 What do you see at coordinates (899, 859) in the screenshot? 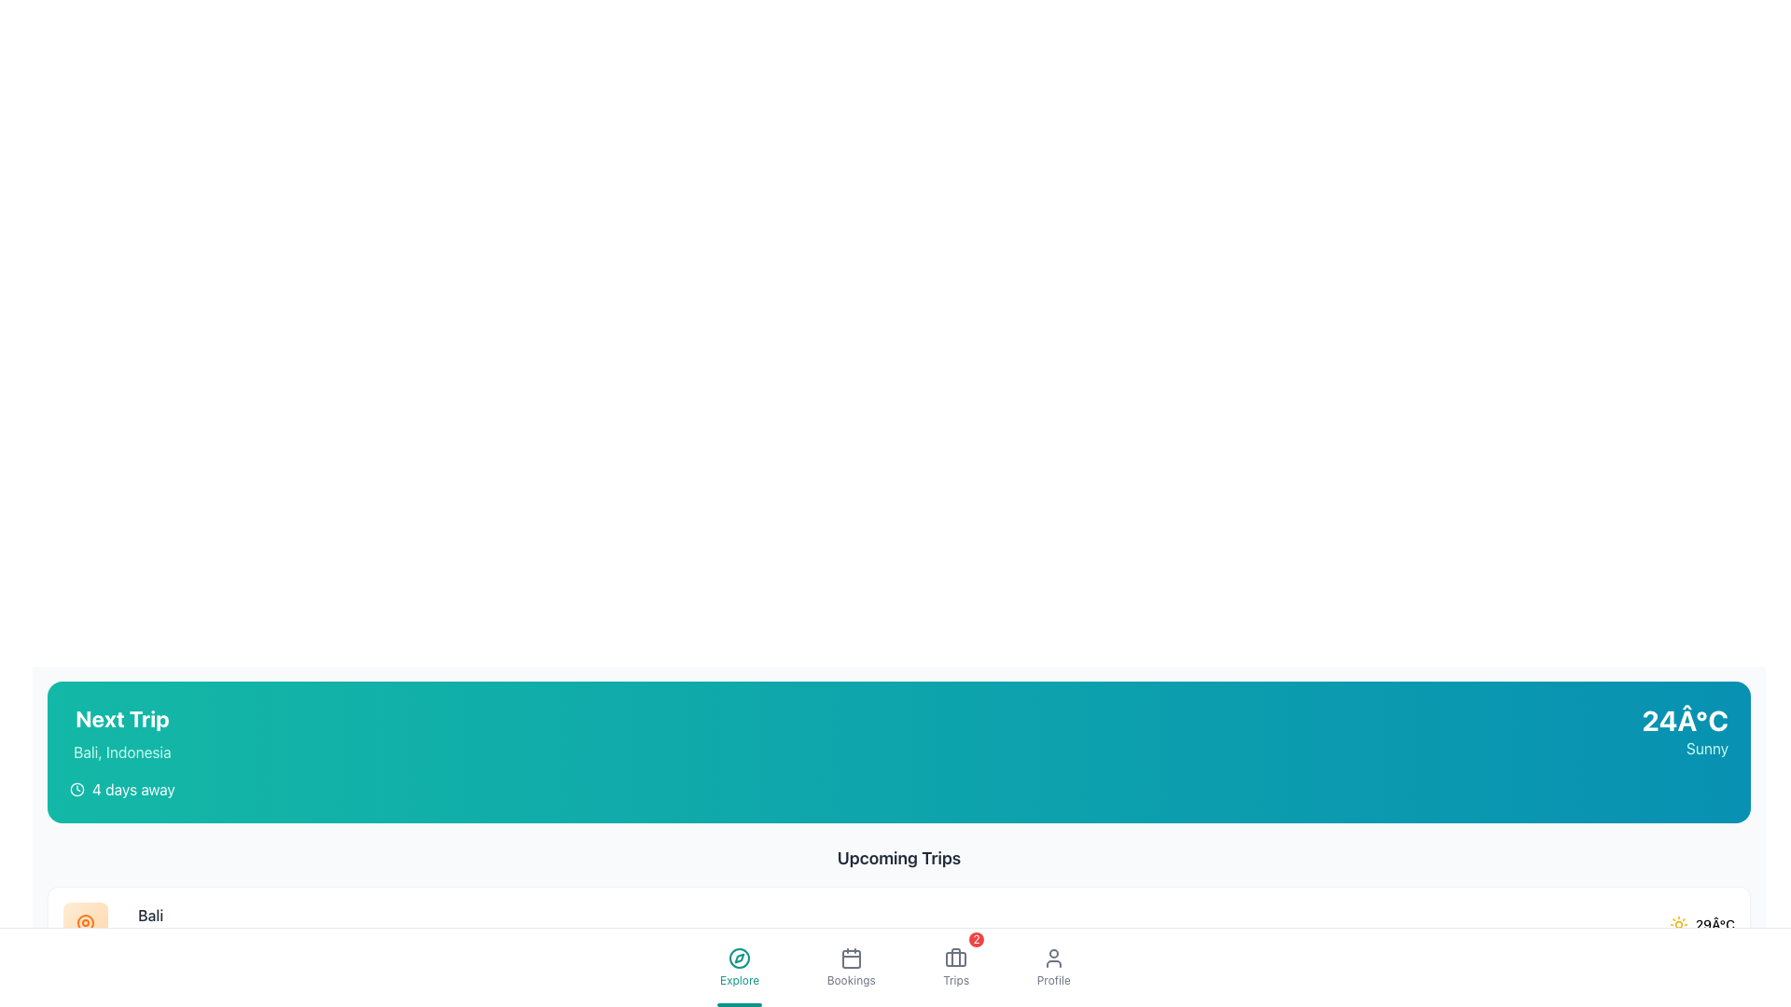
I see `the 'Upcoming Trips' heading text label to indicate its significance as the section title for upcoming trip information` at bounding box center [899, 859].